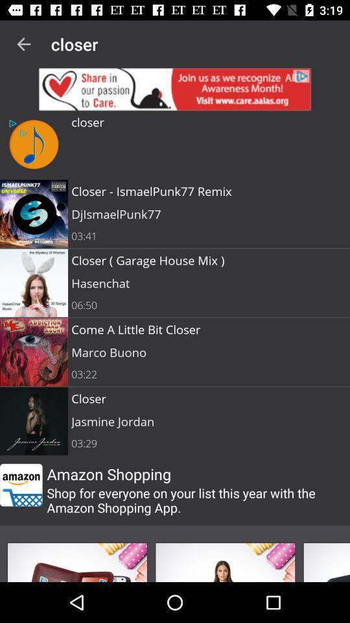  Describe the element at coordinates (20, 484) in the screenshot. I see `amazon icon` at that location.